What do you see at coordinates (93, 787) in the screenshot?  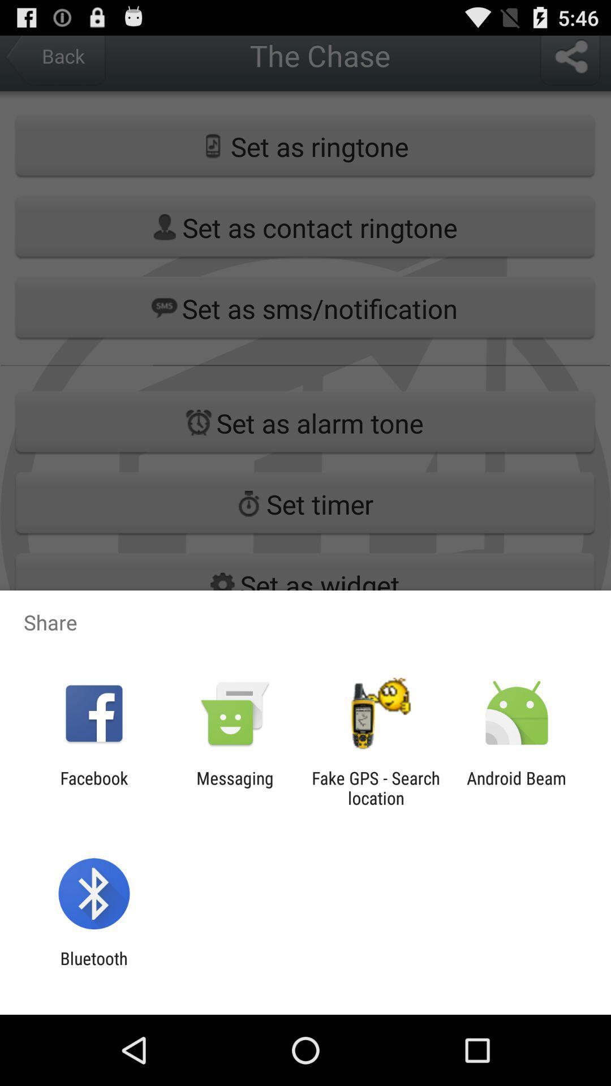 I see `the facebook app` at bounding box center [93, 787].